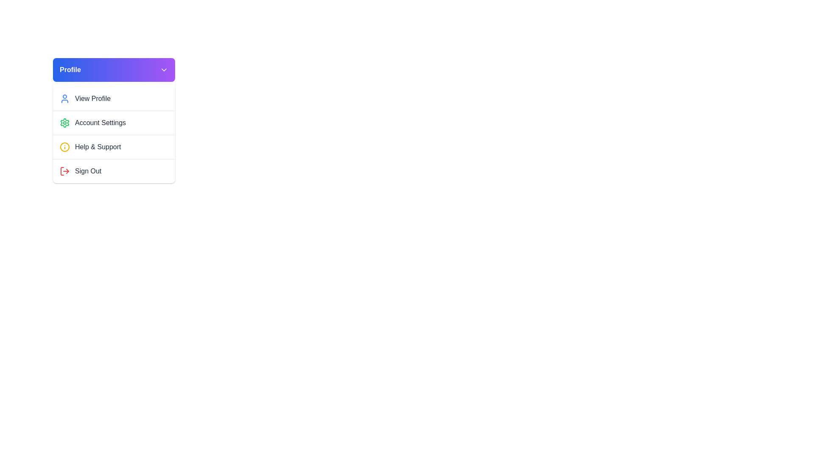 The width and height of the screenshot is (814, 458). I want to click on the settings gear icon, which is located next to the 'Account Settings' text in the 'Profile' menu list, so click(64, 123).